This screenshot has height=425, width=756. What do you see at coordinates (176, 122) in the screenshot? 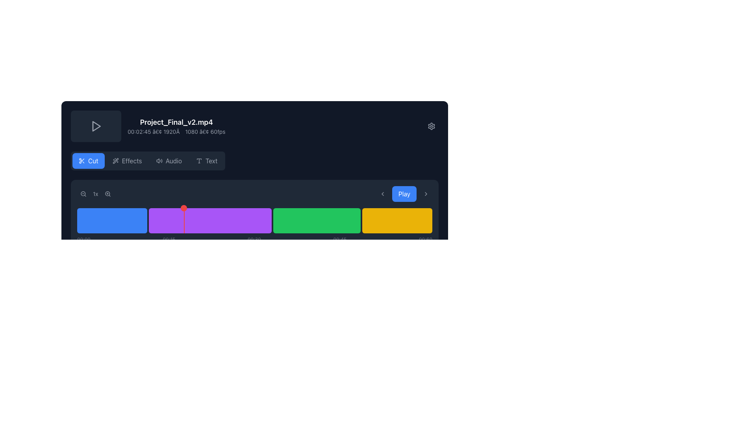
I see `the text label displaying 'Project_Final_v2.mp4', which is styled with a large, bold white font and located at the top center of the interface` at bounding box center [176, 122].